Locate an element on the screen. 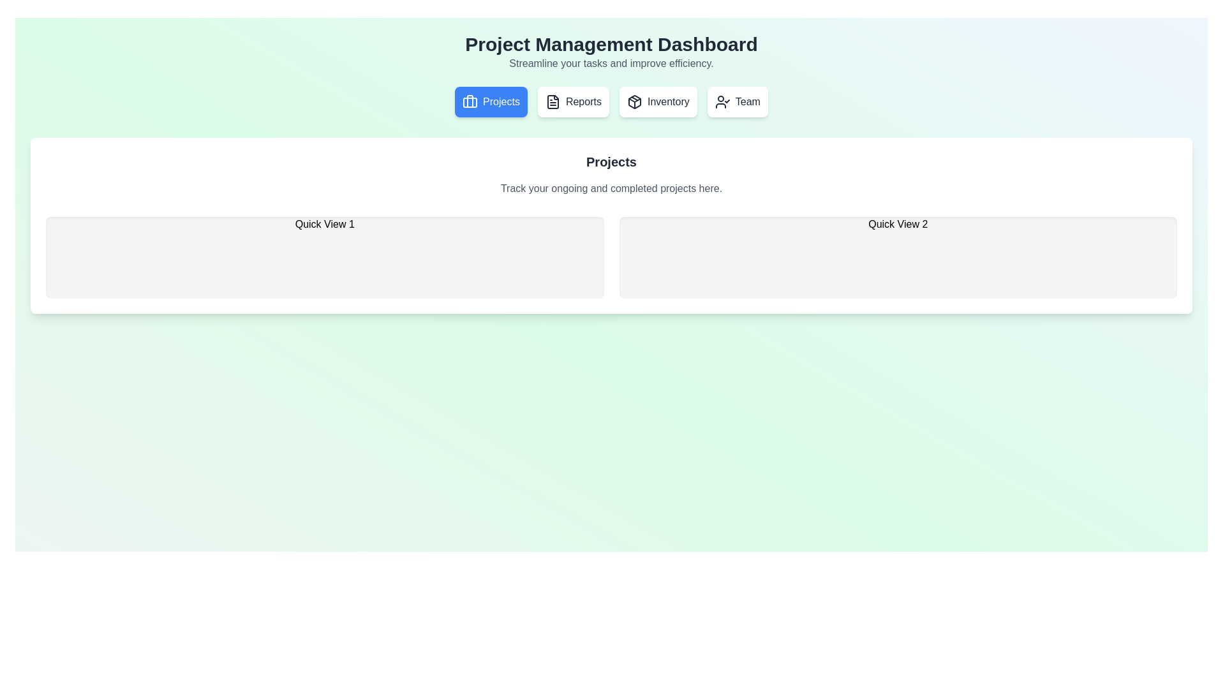 The width and height of the screenshot is (1225, 689). the briefcase icon located at the leftmost part of the 'Projects' button group, which has a blue circular background and is positioned at the top center of the page is located at coordinates (470, 101).